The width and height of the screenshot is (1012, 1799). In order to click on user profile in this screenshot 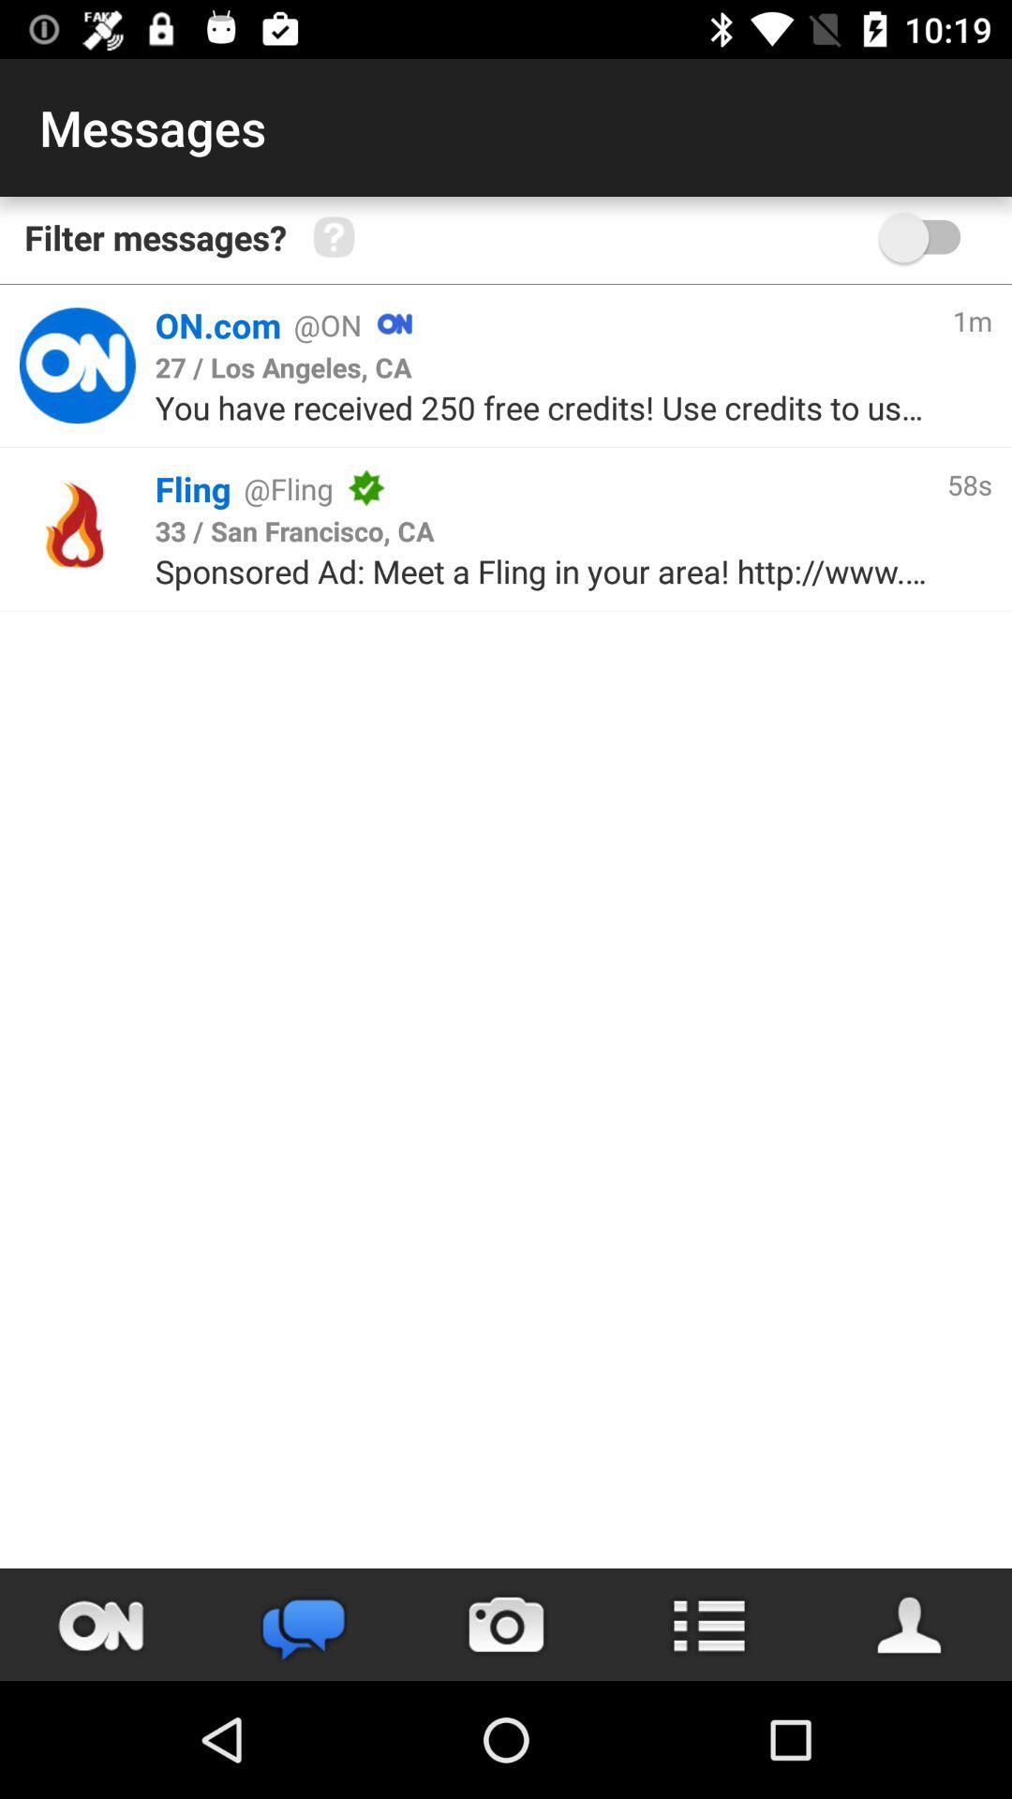, I will do `click(910, 1624)`.